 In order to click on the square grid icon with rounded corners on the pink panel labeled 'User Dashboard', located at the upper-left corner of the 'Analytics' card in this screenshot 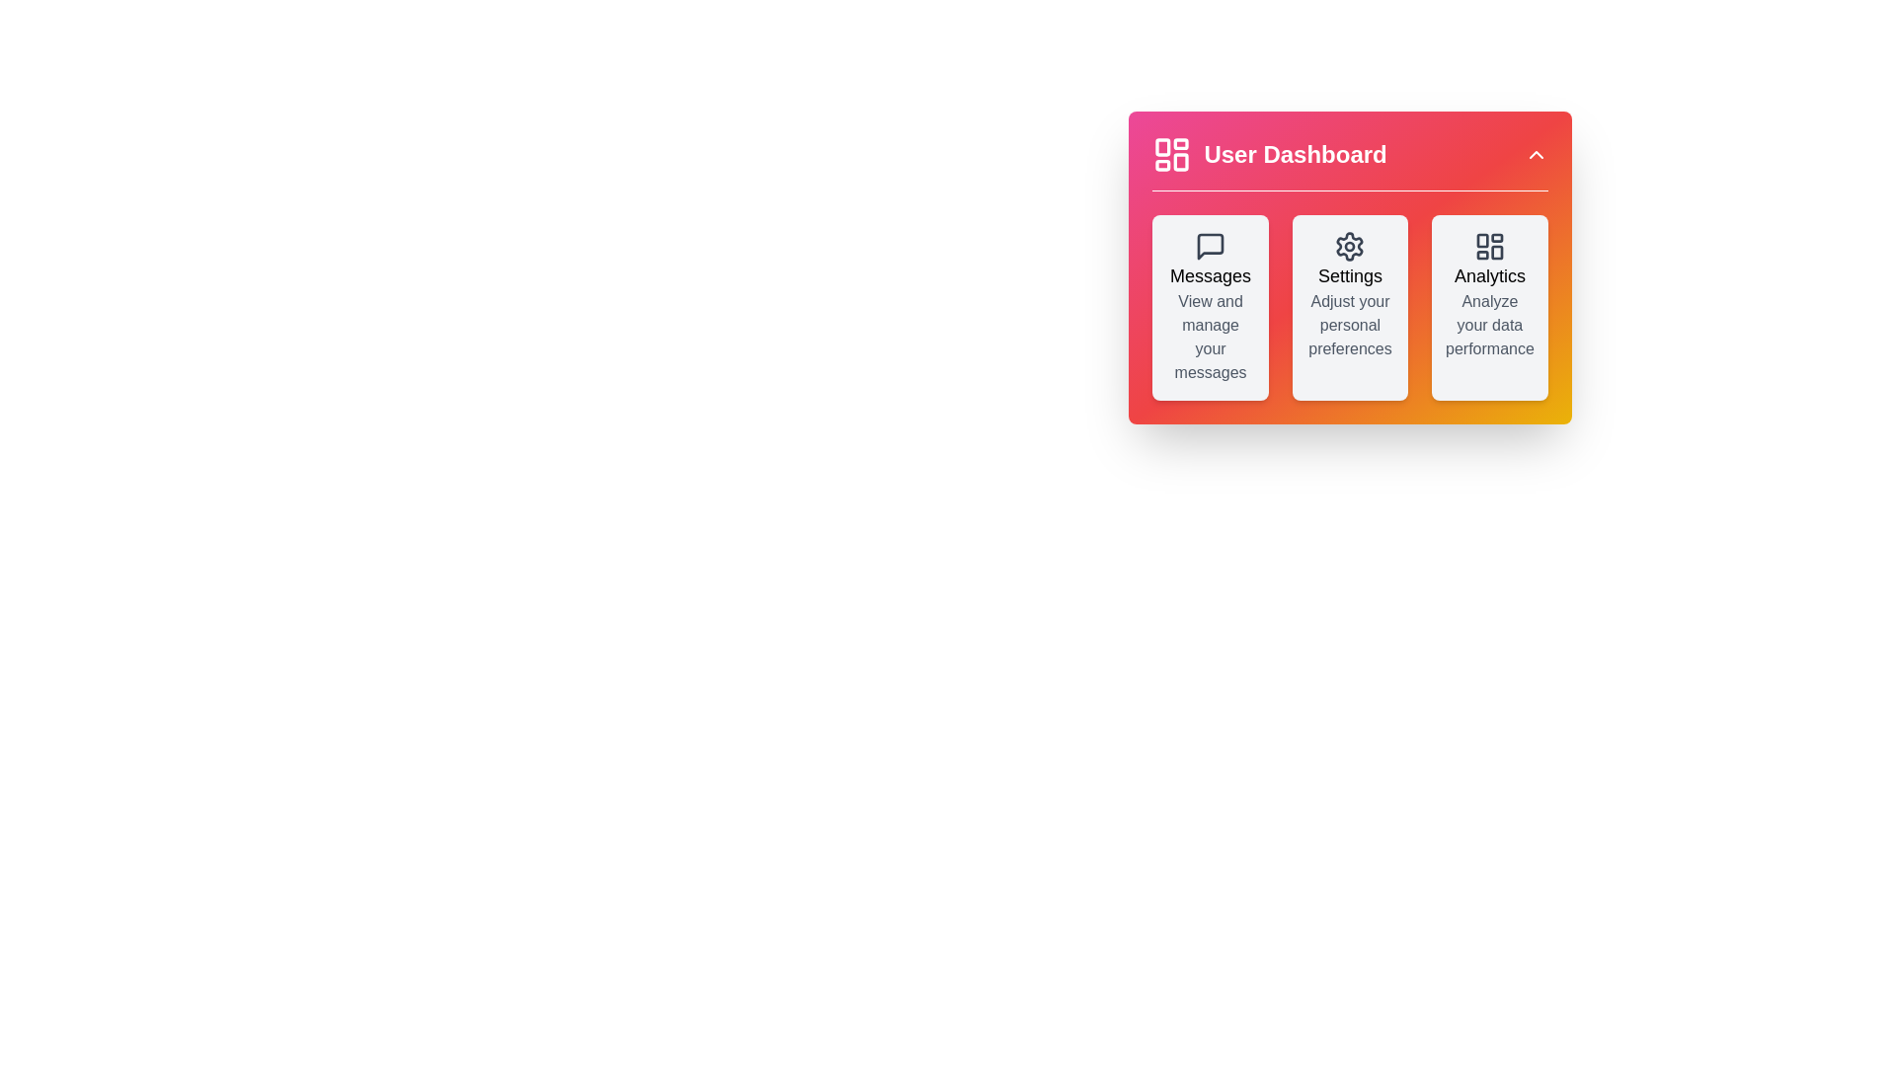, I will do `click(1489, 246)`.